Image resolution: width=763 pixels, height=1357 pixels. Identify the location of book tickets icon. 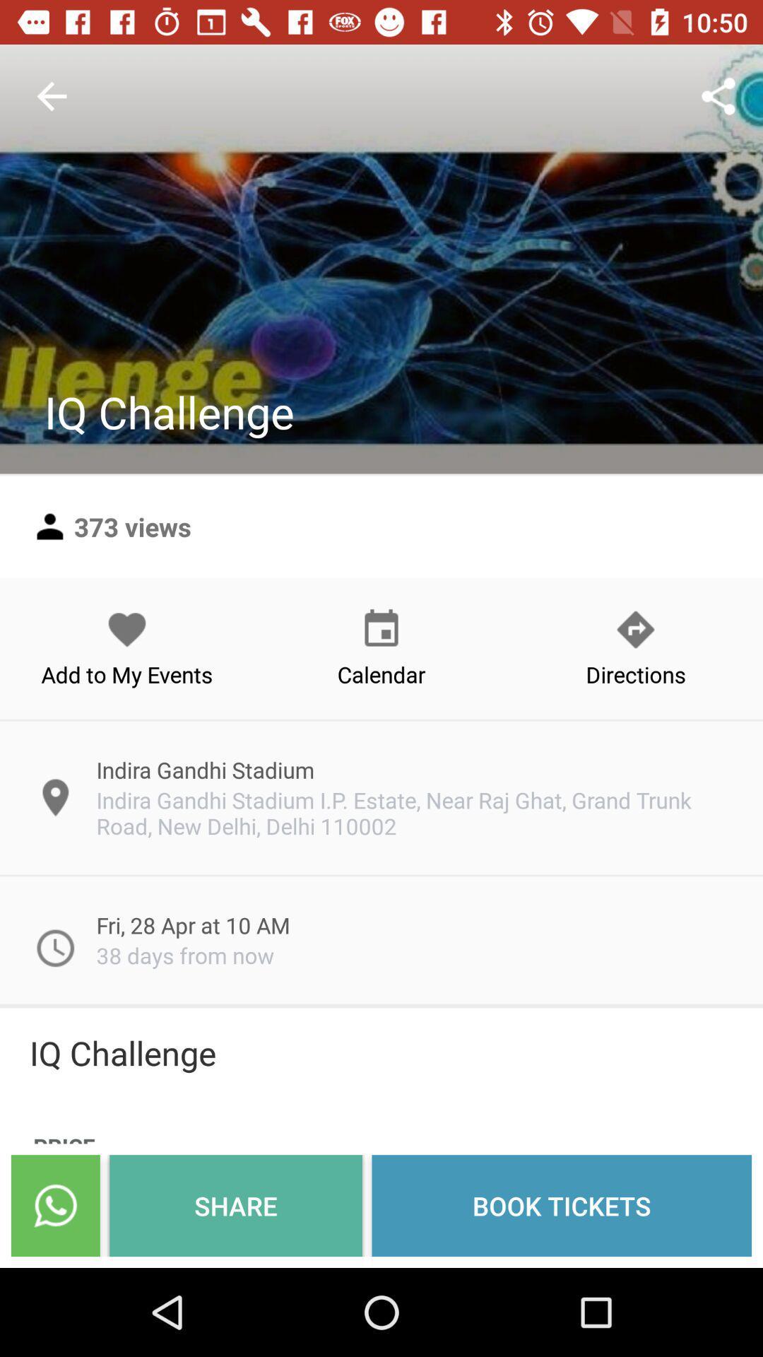
(561, 1205).